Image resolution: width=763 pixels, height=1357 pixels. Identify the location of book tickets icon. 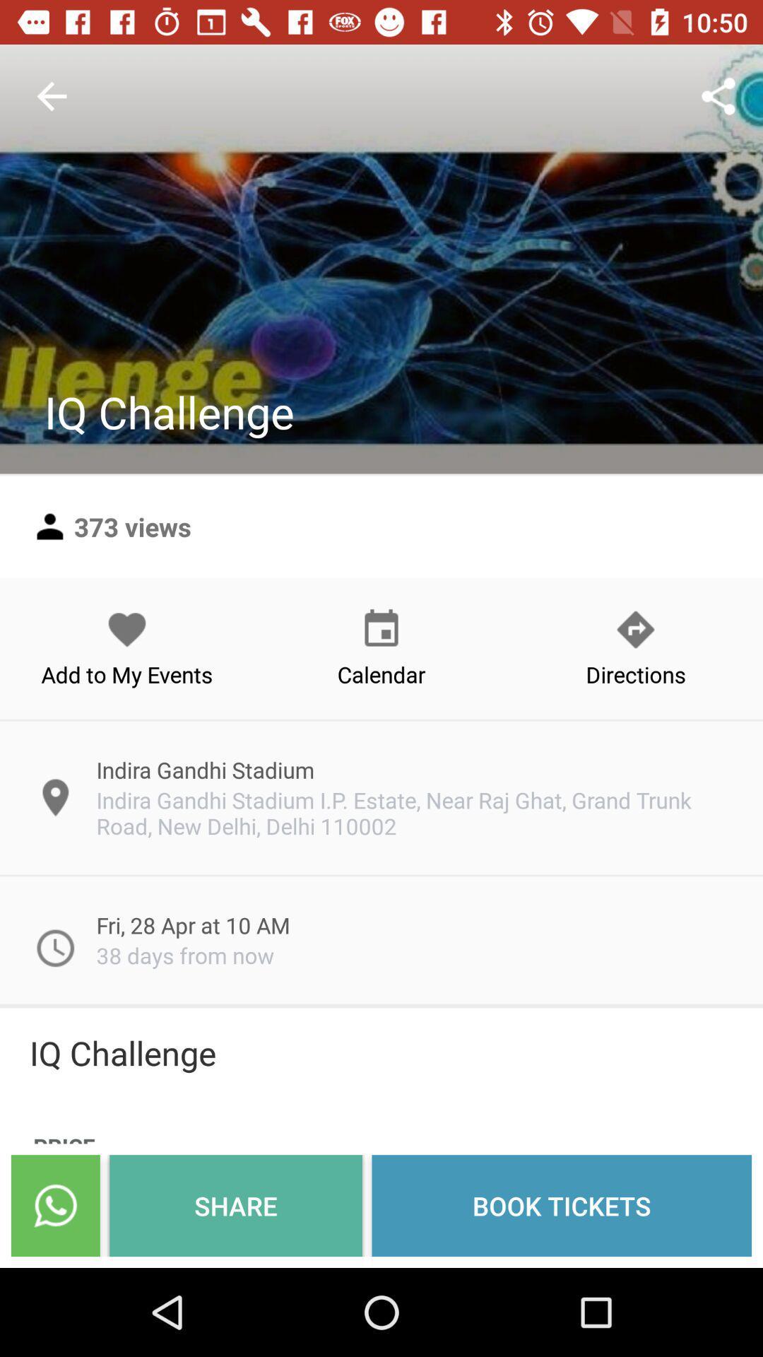
(561, 1205).